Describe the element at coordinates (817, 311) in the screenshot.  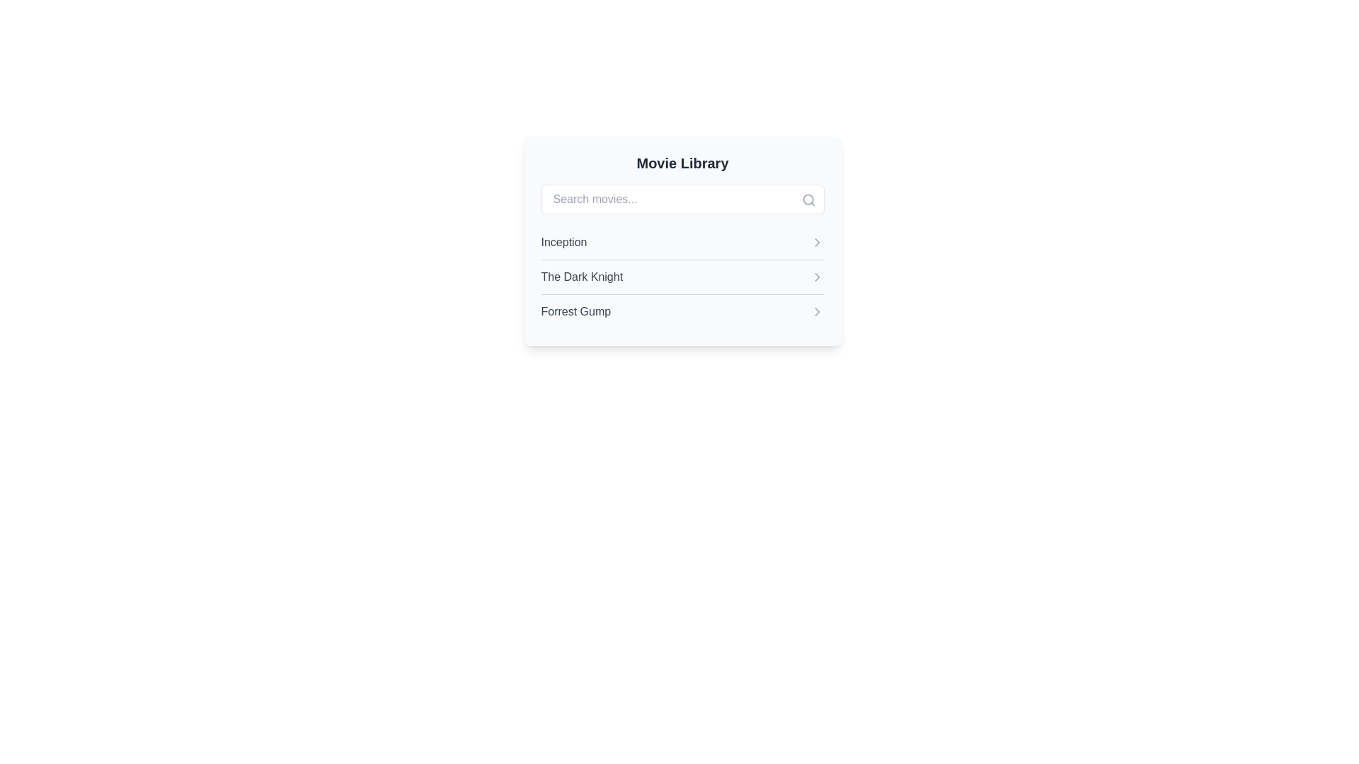
I see `the chevron icon located to the right of the text 'Forrest Gump' in the third item of the vertical list` at that location.